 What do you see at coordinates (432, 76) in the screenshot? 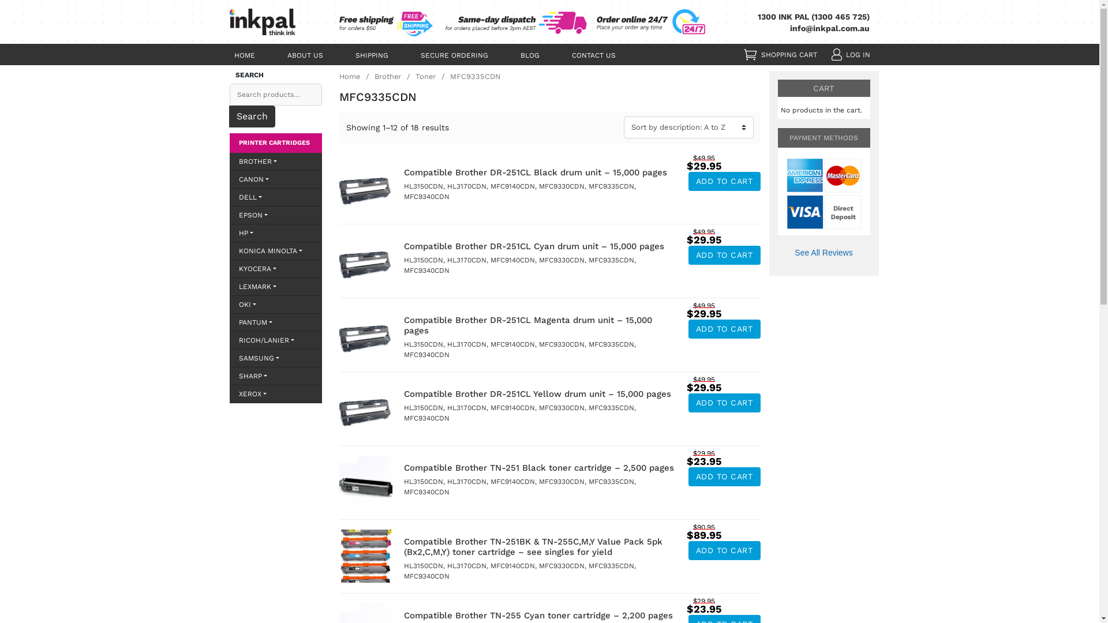
I see `'Toner'` at bounding box center [432, 76].